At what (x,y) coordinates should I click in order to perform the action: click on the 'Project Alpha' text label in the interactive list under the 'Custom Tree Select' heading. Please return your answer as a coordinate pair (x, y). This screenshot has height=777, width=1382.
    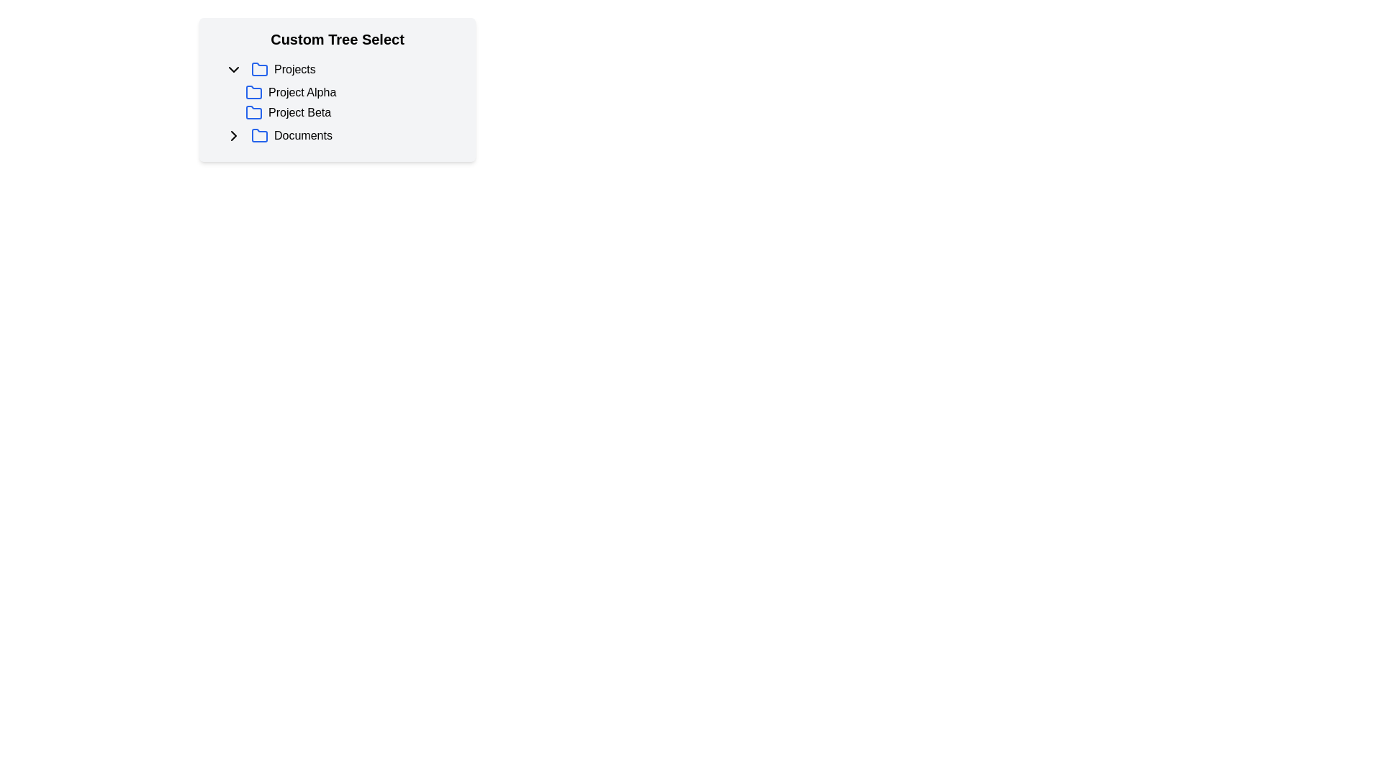
    Looking at the image, I should click on (302, 92).